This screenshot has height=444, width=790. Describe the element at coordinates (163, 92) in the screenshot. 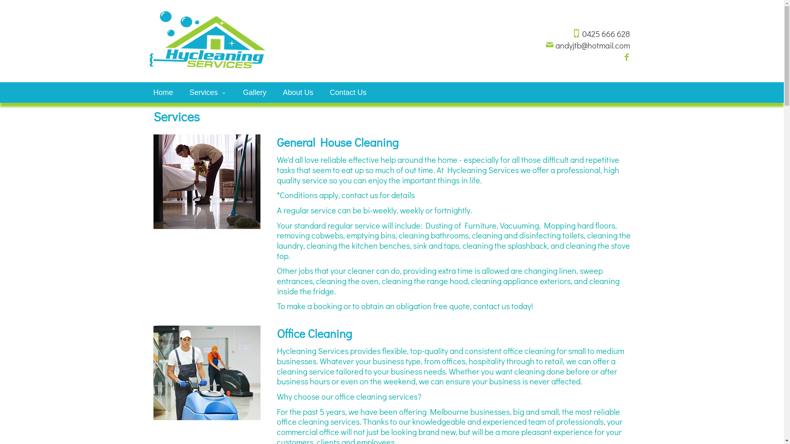

I see `'Home'` at that location.